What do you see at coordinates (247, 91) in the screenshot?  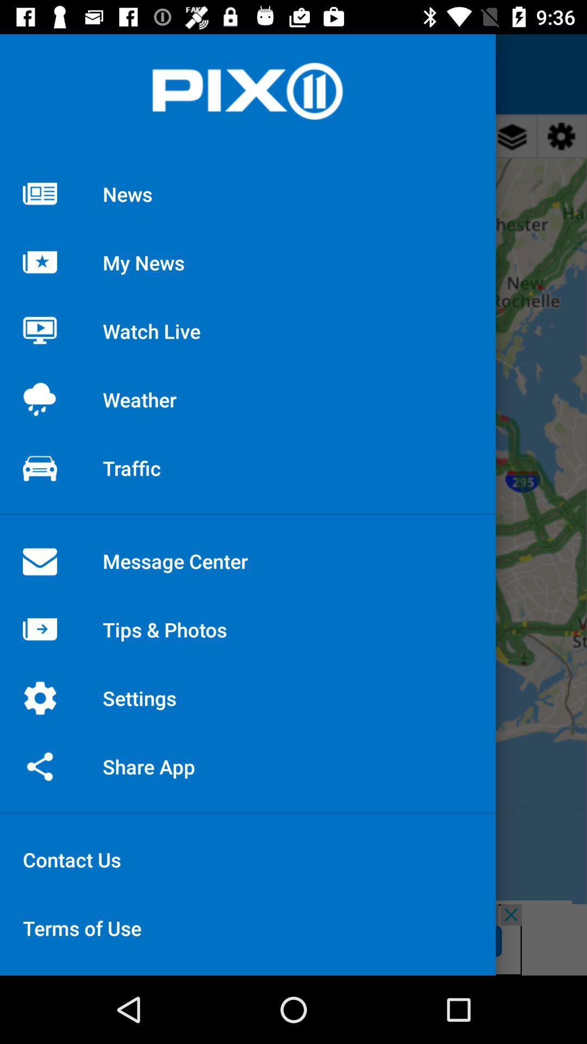 I see `the header above news` at bounding box center [247, 91].